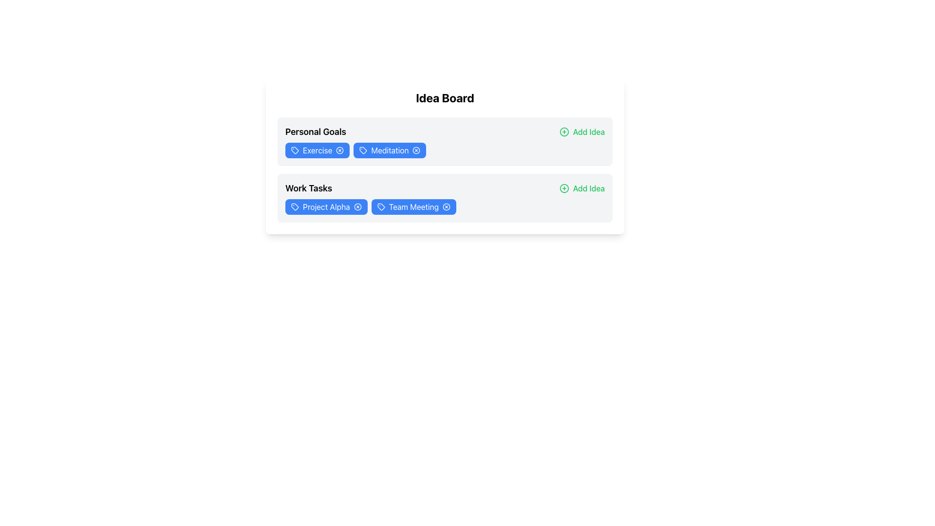 This screenshot has height=526, width=935. Describe the element at coordinates (357, 206) in the screenshot. I see `the Circular button with an 'X' symbol for the 'Project Alpha' tag` at that location.